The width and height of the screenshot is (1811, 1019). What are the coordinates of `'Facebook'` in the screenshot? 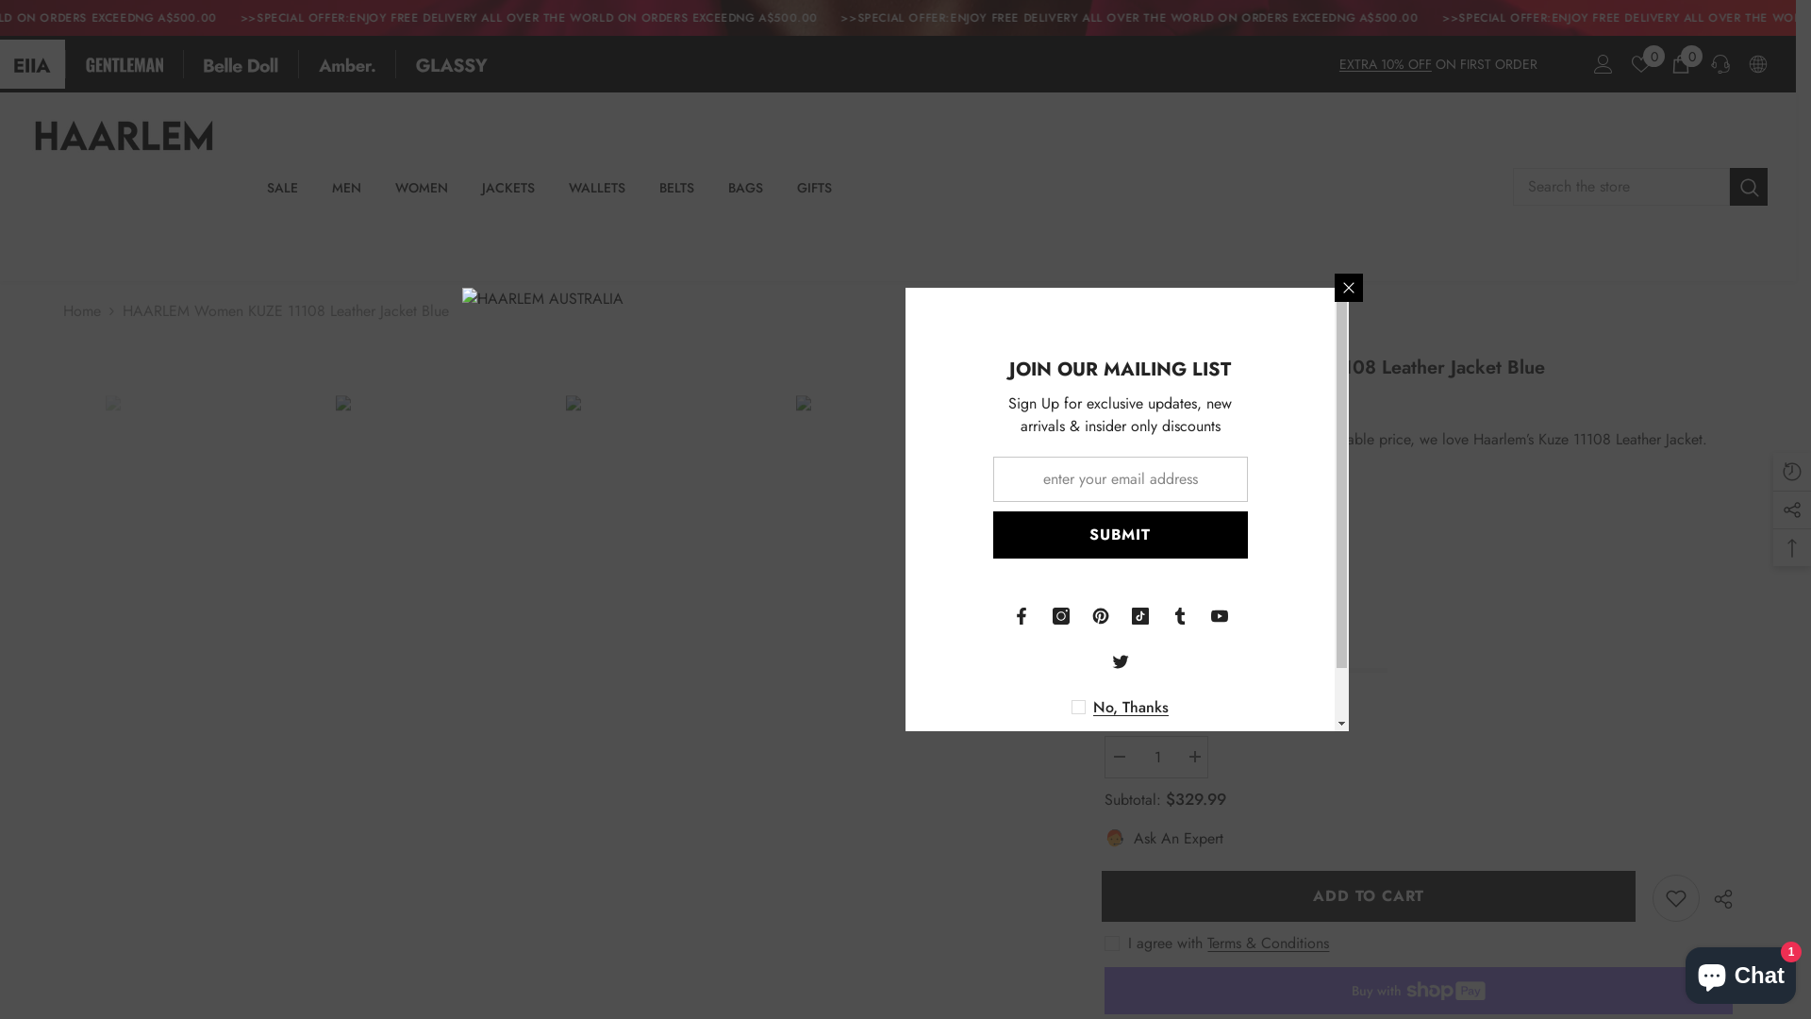 It's located at (1021, 615).